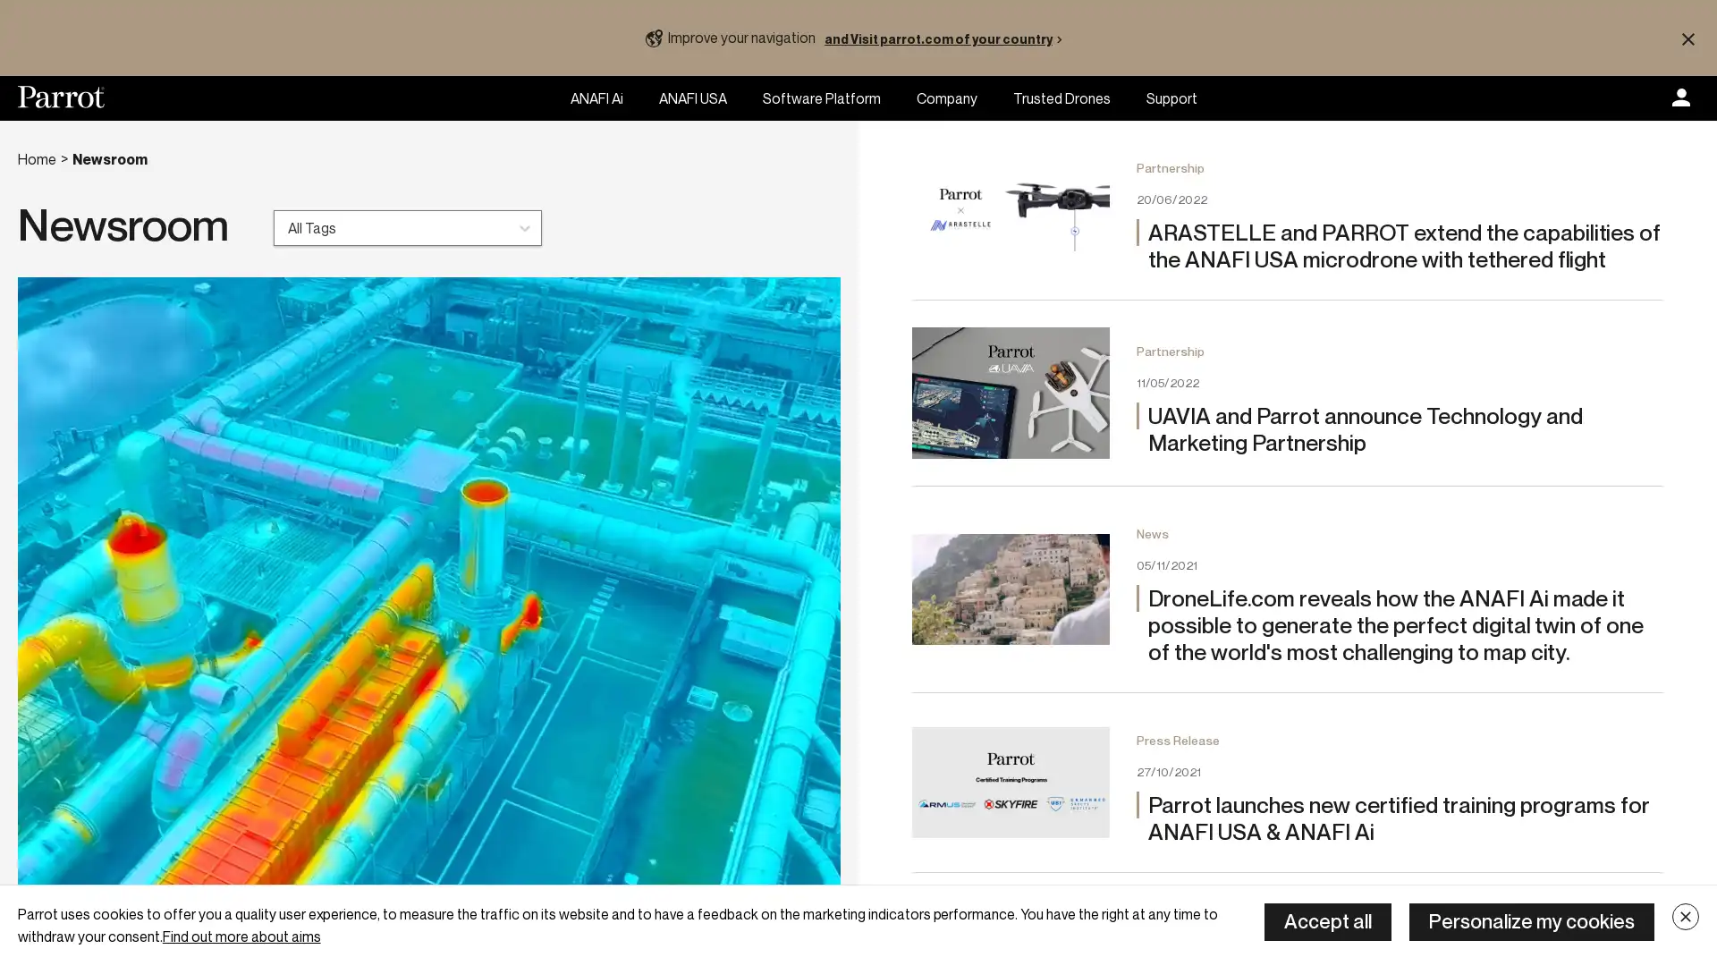 This screenshot has height=966, width=1717. What do you see at coordinates (1687, 38) in the screenshot?
I see `close not-good-shop-alert` at bounding box center [1687, 38].